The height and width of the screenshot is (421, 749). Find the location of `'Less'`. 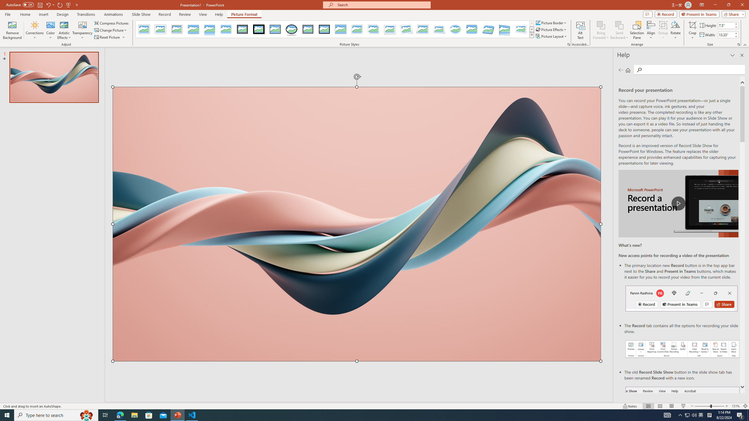

'Less' is located at coordinates (736, 36).